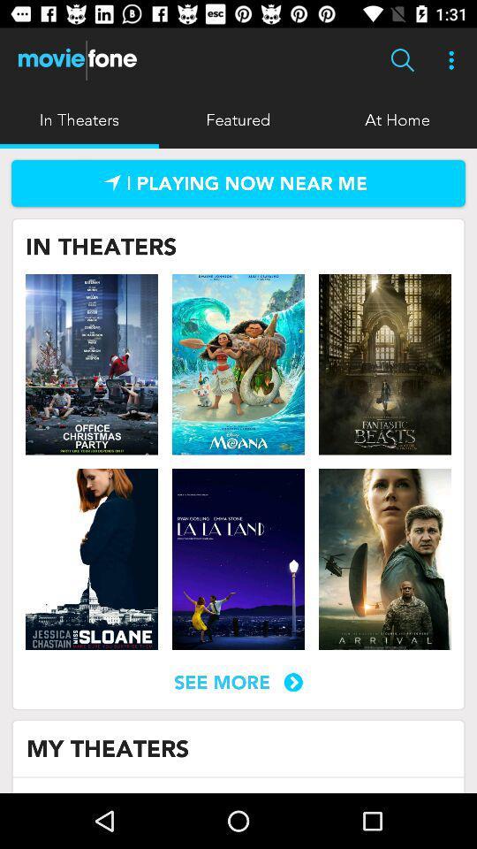 The height and width of the screenshot is (849, 477). I want to click on the item at the bottom left corner, so click(108, 747).